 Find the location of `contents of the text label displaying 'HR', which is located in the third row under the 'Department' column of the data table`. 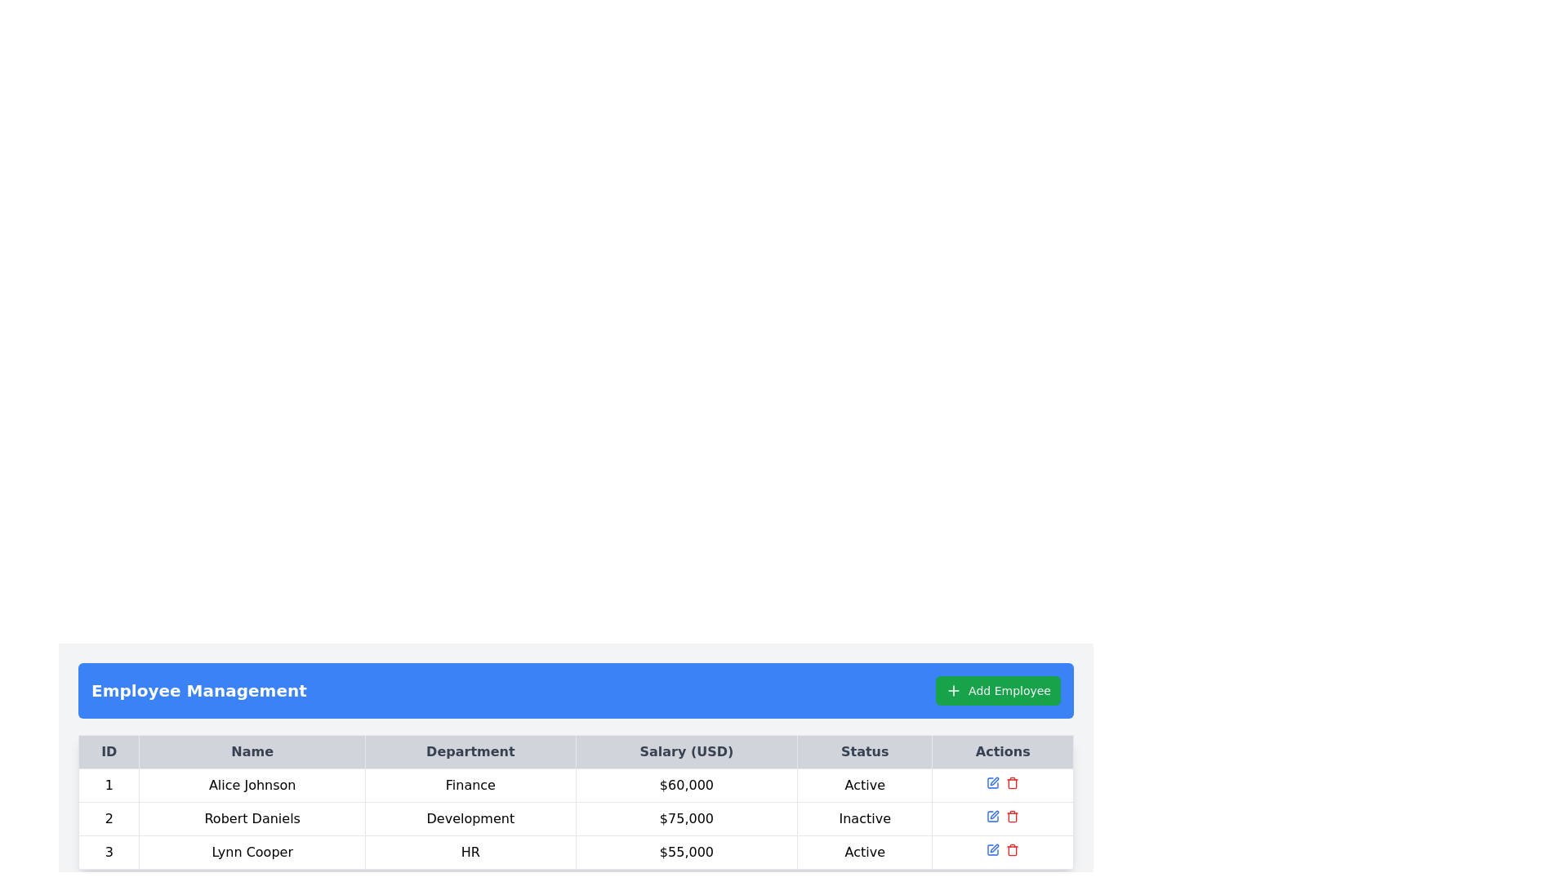

contents of the text label displaying 'HR', which is located in the third row under the 'Department' column of the data table is located at coordinates (470, 852).